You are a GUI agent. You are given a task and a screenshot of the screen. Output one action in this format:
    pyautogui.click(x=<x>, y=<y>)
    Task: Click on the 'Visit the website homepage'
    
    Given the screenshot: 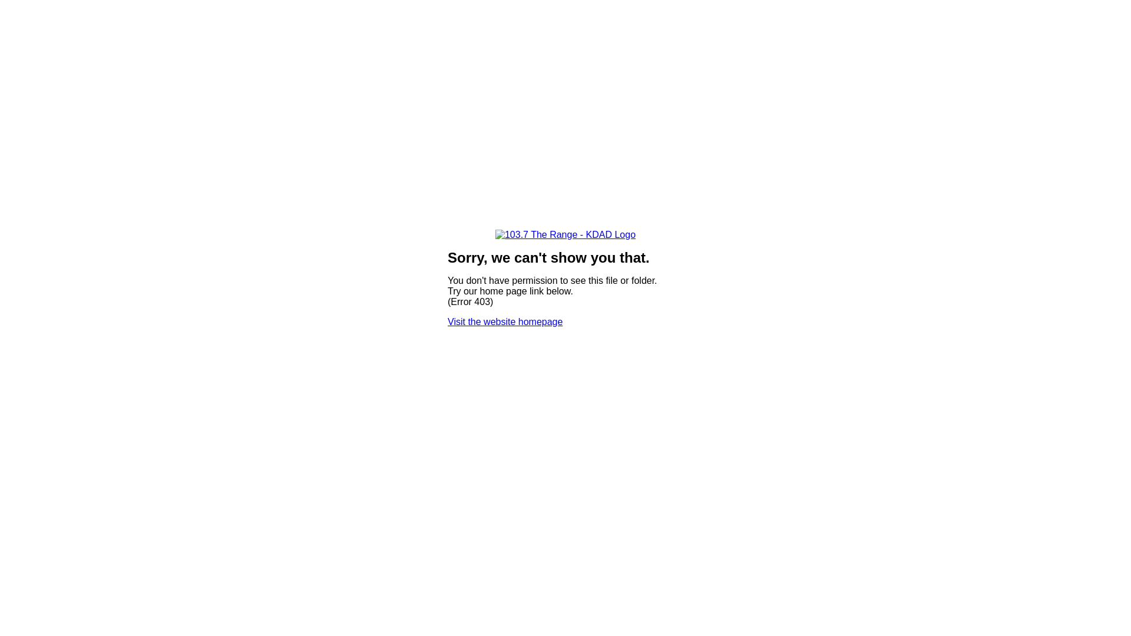 What is the action you would take?
    pyautogui.click(x=505, y=322)
    